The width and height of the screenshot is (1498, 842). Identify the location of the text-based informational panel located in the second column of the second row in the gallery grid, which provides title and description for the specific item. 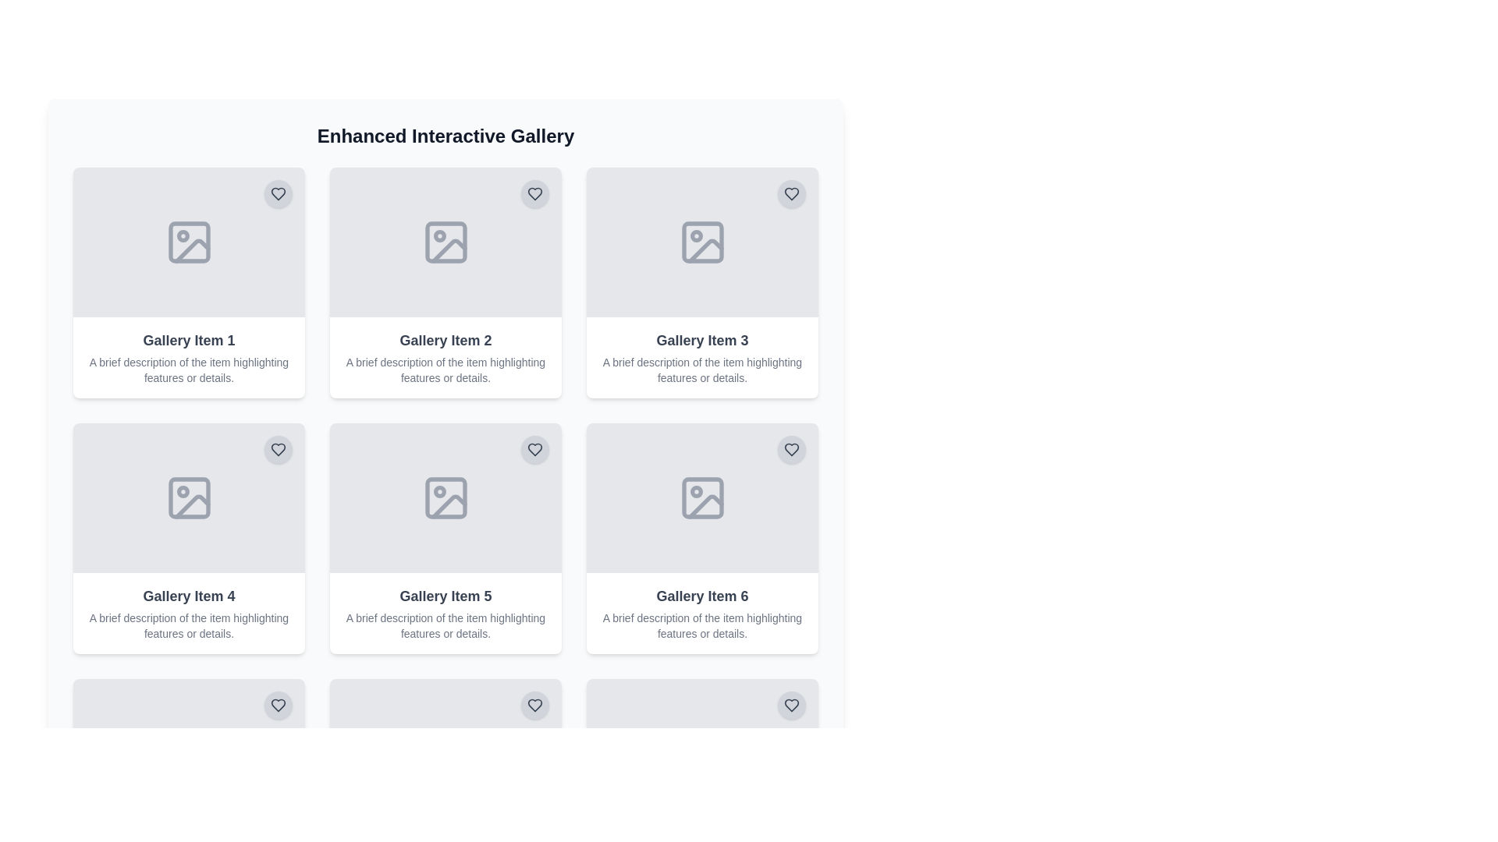
(701, 358).